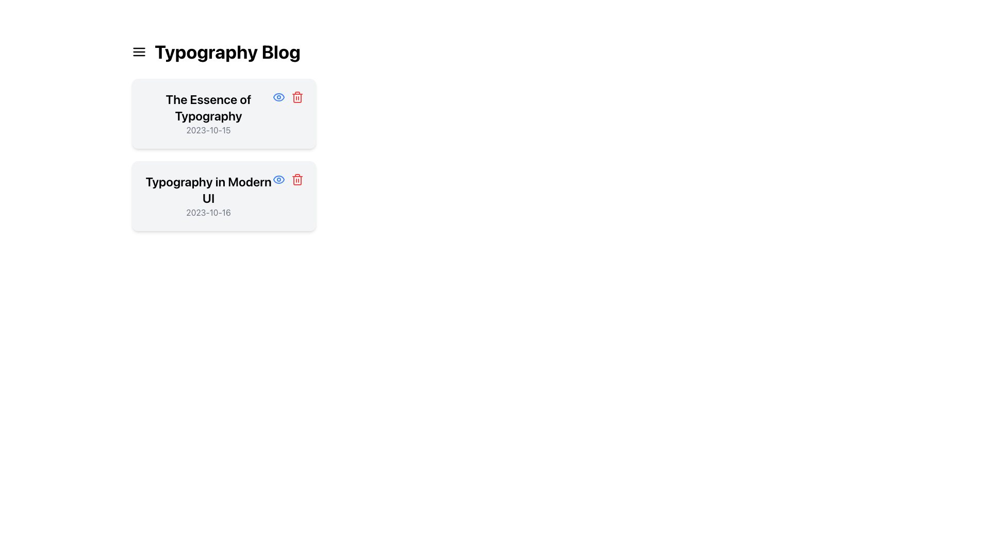 The height and width of the screenshot is (556, 990). What do you see at coordinates (208, 130) in the screenshot?
I see `the Static Text Label indicating the date associated with the content titled 'The Essence of Typography', which is centrally aligned beneath the title text` at bounding box center [208, 130].